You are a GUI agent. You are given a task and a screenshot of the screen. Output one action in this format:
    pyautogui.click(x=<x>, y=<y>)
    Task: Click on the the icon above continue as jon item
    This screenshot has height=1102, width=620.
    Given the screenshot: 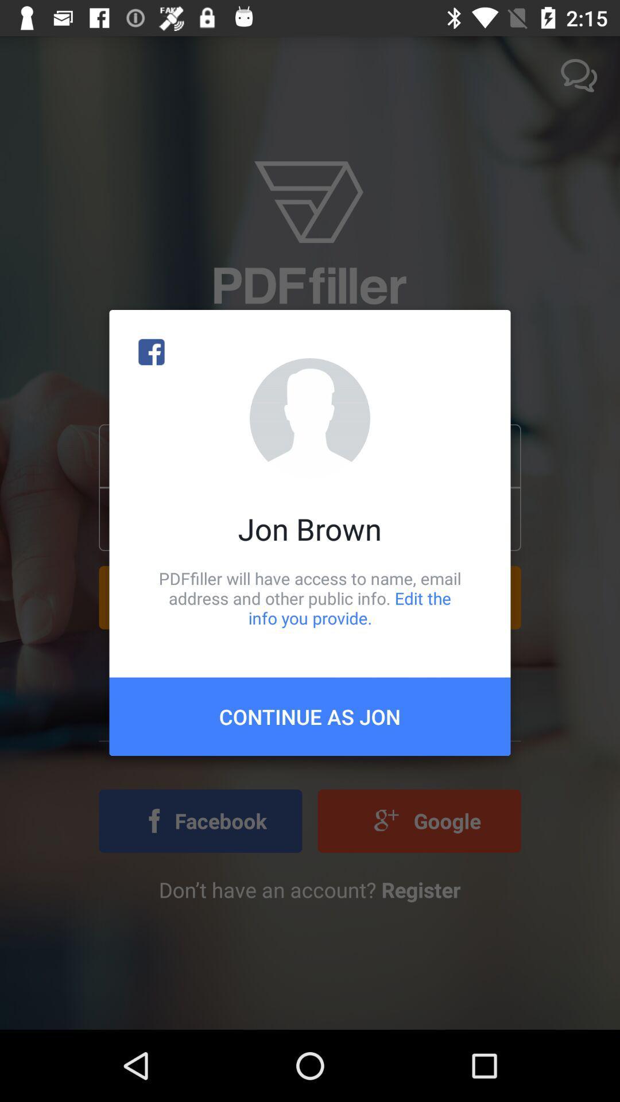 What is the action you would take?
    pyautogui.click(x=310, y=597)
    